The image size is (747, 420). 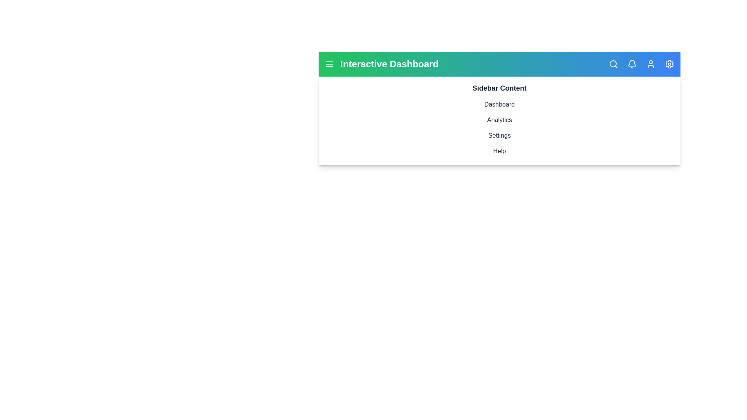 What do you see at coordinates (329, 64) in the screenshot?
I see `the menu button to toggle the sidebar visibility` at bounding box center [329, 64].